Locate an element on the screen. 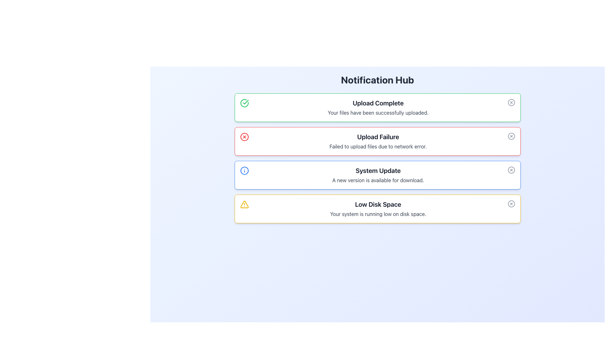  the text label displaying 'Low Disk Space' in bold, extra-large, dark gray font, which is prominently located in a yellow-themed notification panel is located at coordinates (378, 204).